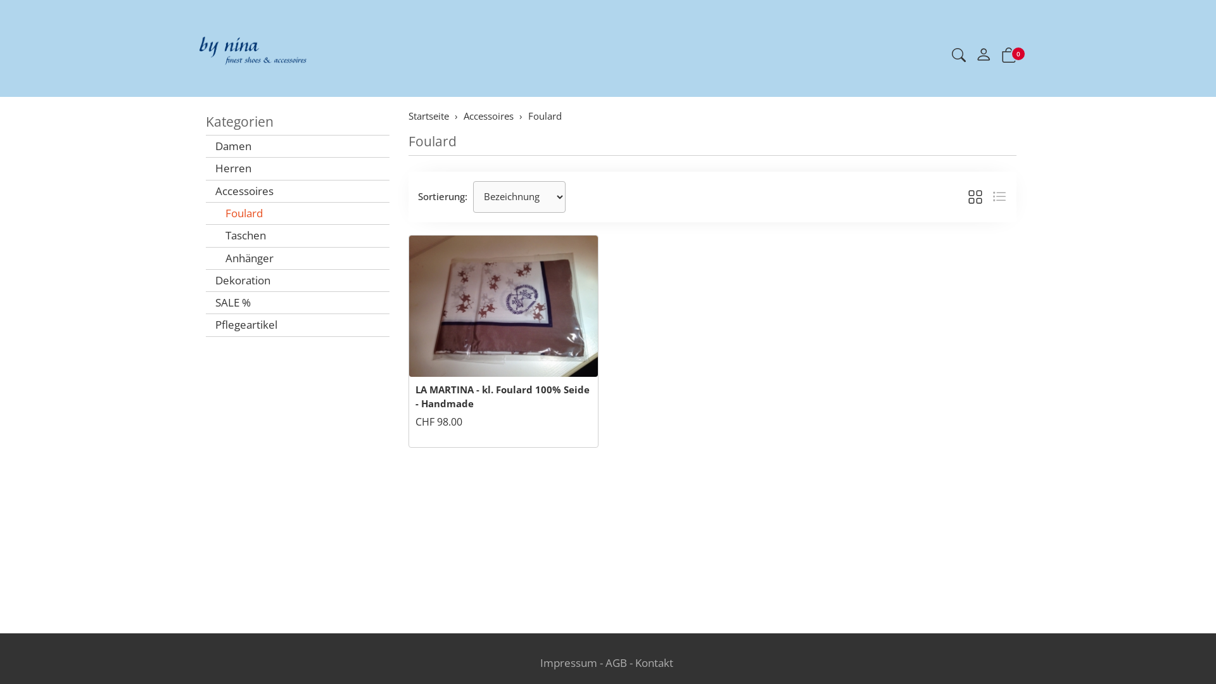 The width and height of the screenshot is (1216, 684). I want to click on 'Impressum', so click(567, 662).